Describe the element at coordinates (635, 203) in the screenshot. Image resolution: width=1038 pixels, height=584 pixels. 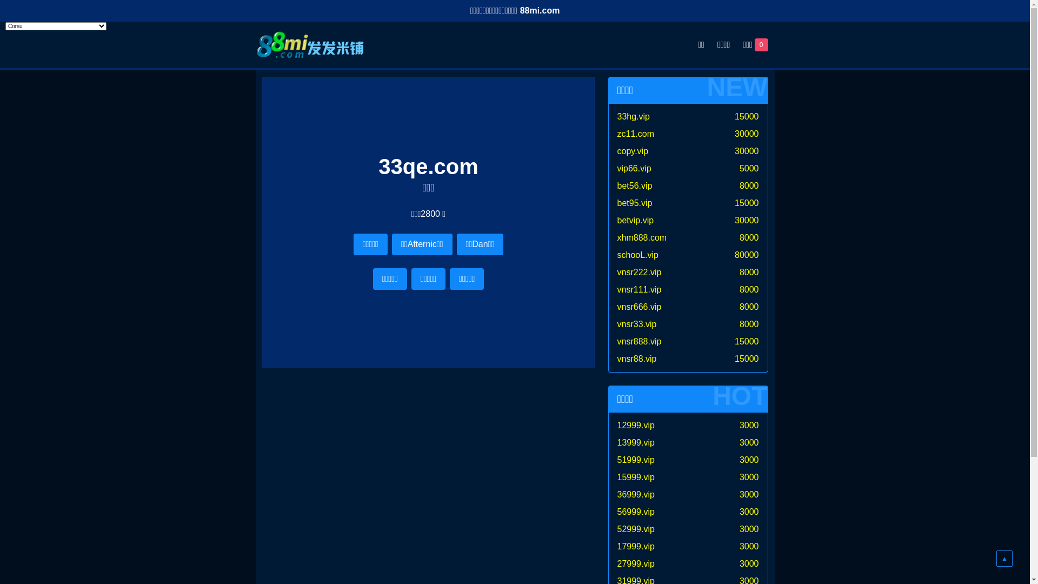
I see `'bet95.vip'` at that location.